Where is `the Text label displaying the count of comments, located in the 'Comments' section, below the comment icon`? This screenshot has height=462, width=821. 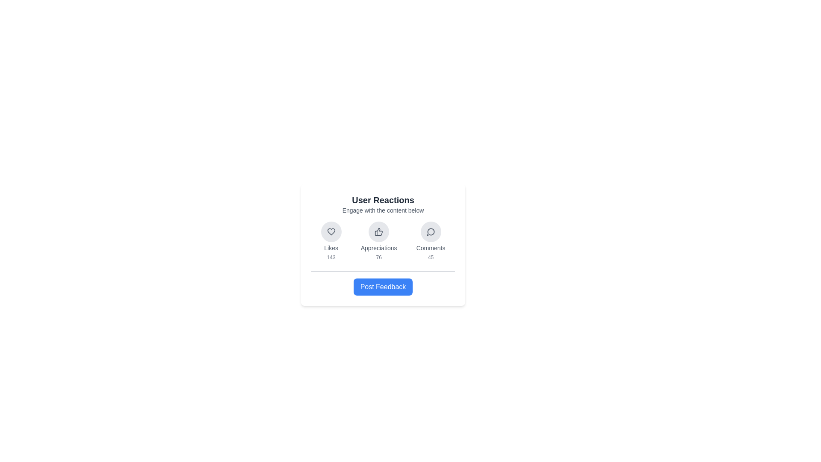
the Text label displaying the count of comments, located in the 'Comments' section, below the comment icon is located at coordinates (431, 257).